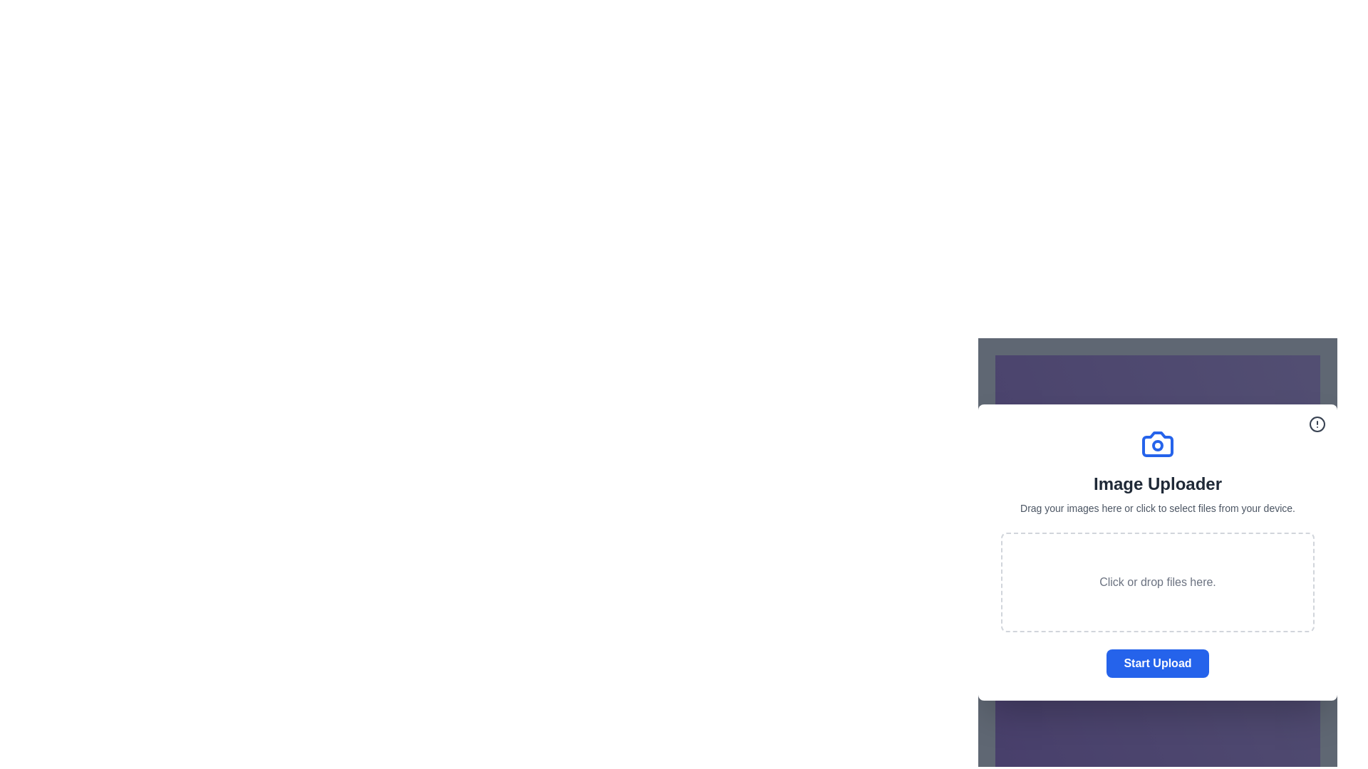  What do you see at coordinates (1316, 424) in the screenshot?
I see `the circular component within the warning icon located in the top-right corner of the card containing the 'Image Uploader' module` at bounding box center [1316, 424].